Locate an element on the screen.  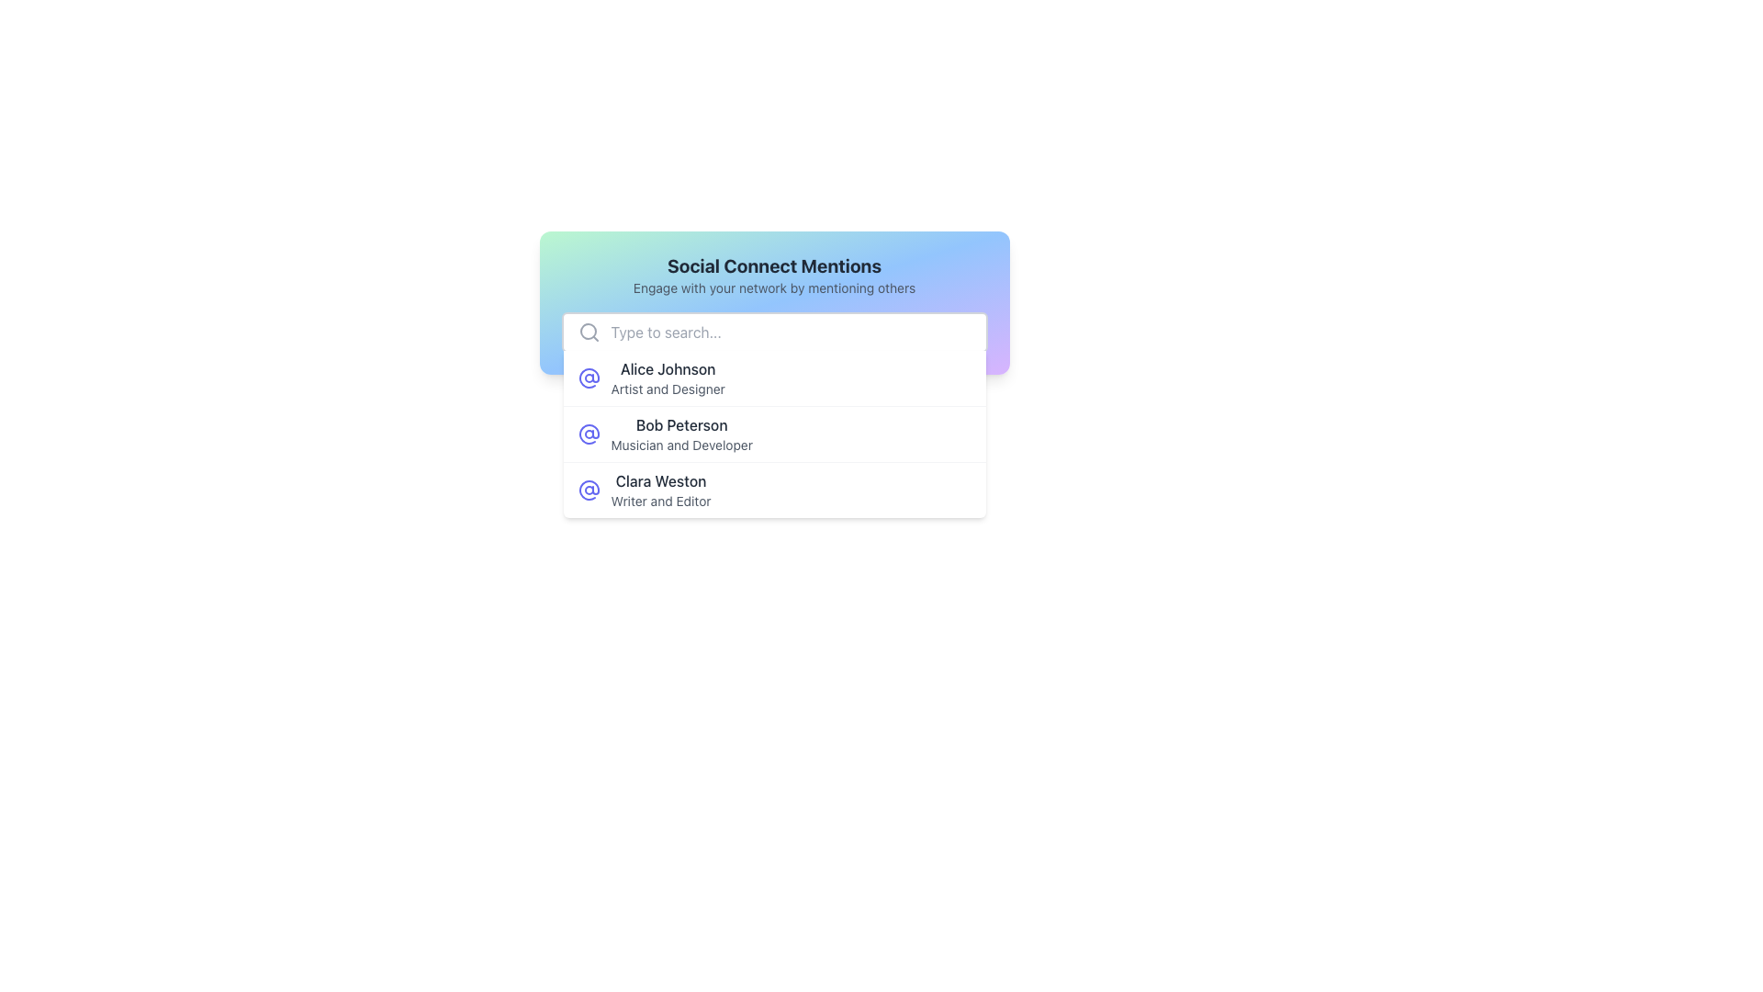
the text label displaying 'Alice Johnson' and 'Artist and Designer', located in the first item of the 'Social Connect Mentions' dropdown panel, below the input search box is located at coordinates (667, 378).